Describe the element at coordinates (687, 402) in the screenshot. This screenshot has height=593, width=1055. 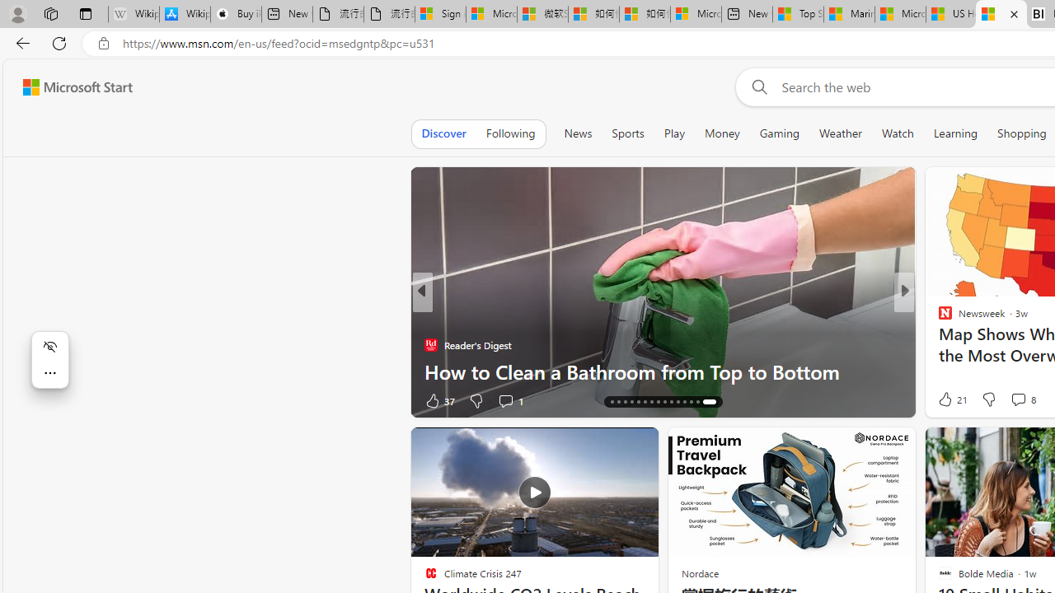
I see `'AutomationID: tab-26'` at that location.